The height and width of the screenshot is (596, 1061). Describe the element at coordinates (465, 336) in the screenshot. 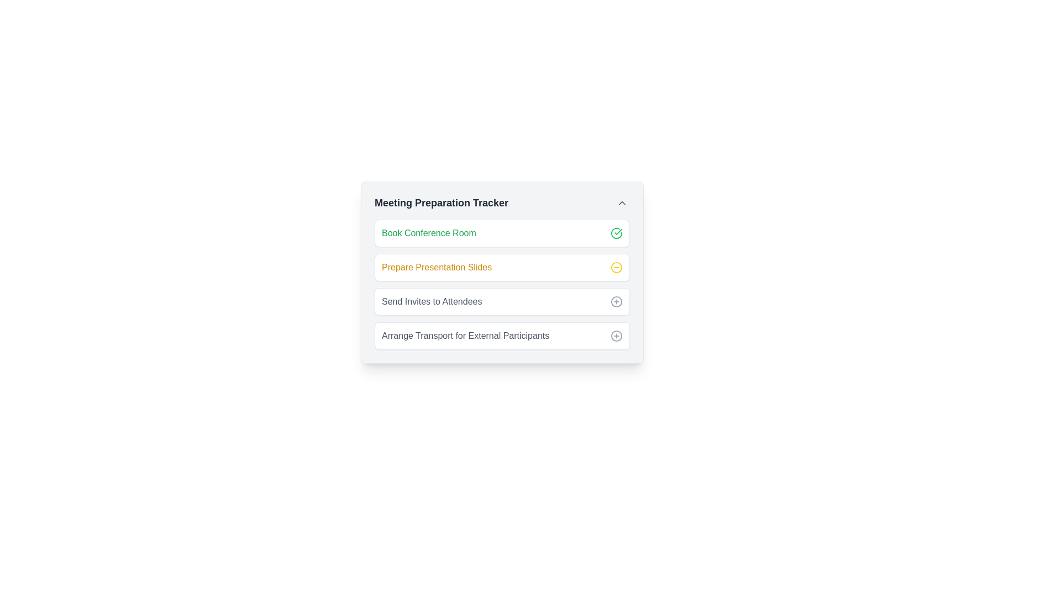

I see `the text label that reads 'Arrange Transport for External Participants,' which is the fourth item in the task list interface` at that location.